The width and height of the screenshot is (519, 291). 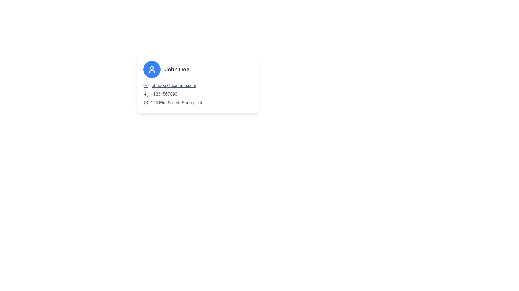 What do you see at coordinates (146, 85) in the screenshot?
I see `the rectangular email icon element, which has rounded corners and forms the main body of the envelope in the contact card layout` at bounding box center [146, 85].